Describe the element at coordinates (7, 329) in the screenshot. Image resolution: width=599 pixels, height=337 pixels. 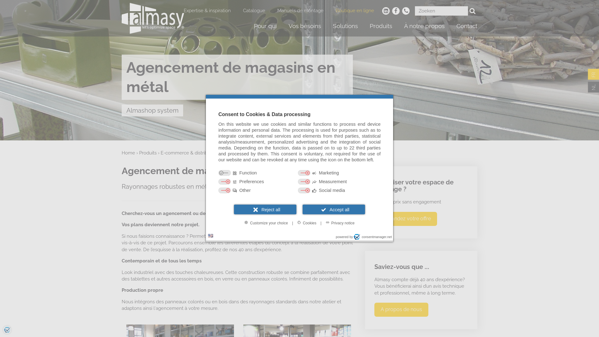
I see `'Privacy settings'` at that location.